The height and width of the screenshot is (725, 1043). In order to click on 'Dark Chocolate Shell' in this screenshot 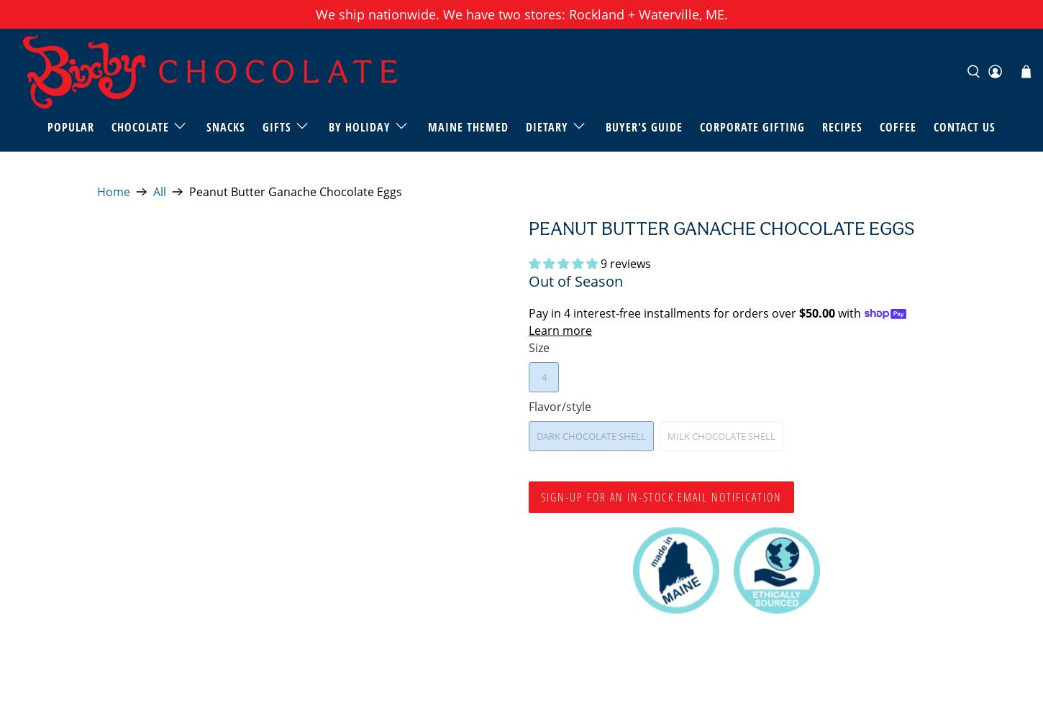, I will do `click(591, 435)`.